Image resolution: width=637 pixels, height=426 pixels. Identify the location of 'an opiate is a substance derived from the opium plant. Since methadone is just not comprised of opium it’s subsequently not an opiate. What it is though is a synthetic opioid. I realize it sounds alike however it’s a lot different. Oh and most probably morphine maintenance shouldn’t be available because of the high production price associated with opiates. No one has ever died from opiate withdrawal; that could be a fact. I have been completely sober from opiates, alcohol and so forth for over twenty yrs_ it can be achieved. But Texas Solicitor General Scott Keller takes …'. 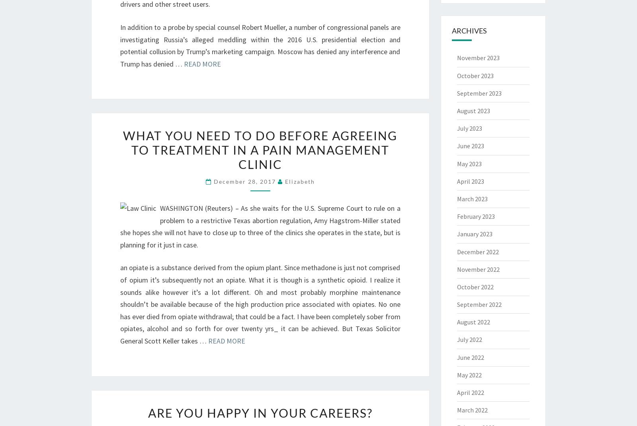
(260, 304).